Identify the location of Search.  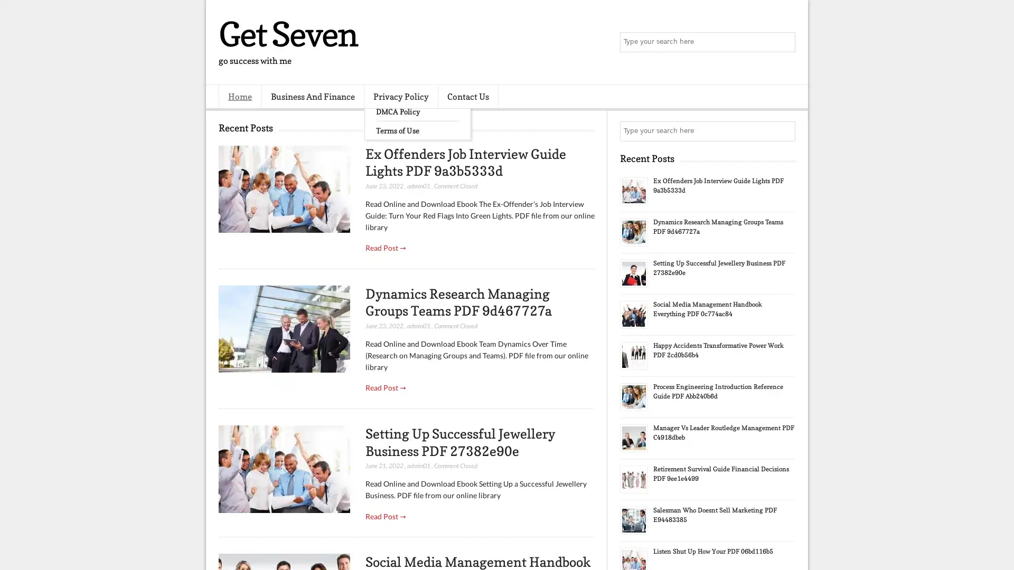
(784, 131).